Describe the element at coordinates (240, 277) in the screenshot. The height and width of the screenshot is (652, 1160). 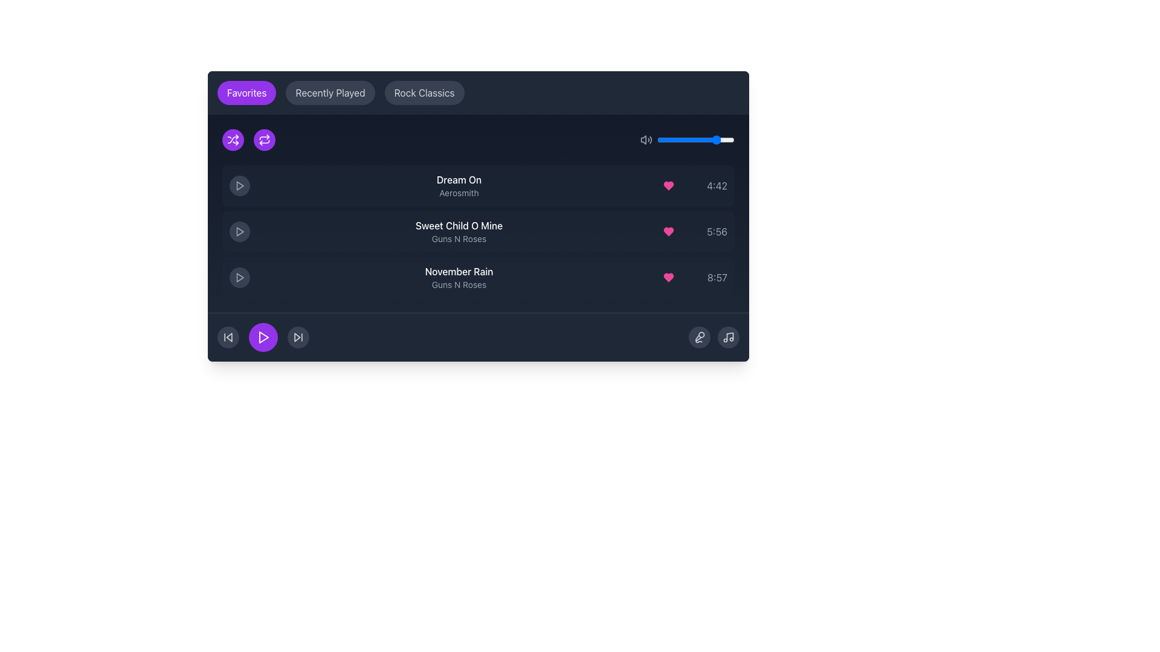
I see `the circular button icon for the song 'November Rain' in the playlist` at that location.